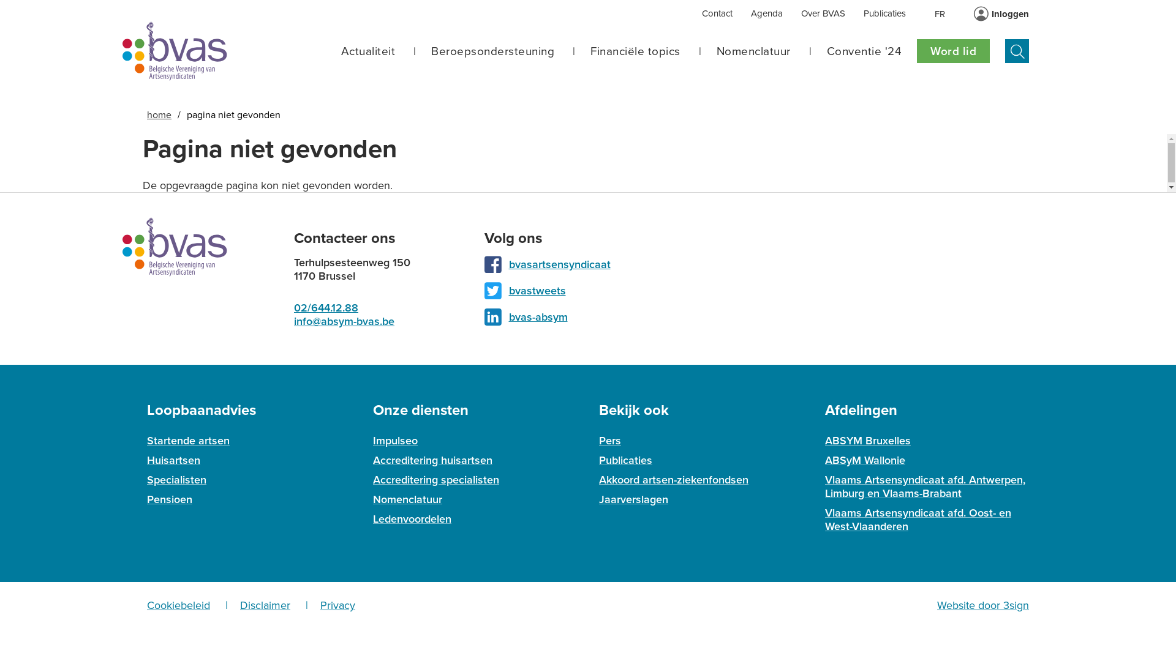 This screenshot has width=1176, height=661. What do you see at coordinates (766, 14) in the screenshot?
I see `'Agenda'` at bounding box center [766, 14].